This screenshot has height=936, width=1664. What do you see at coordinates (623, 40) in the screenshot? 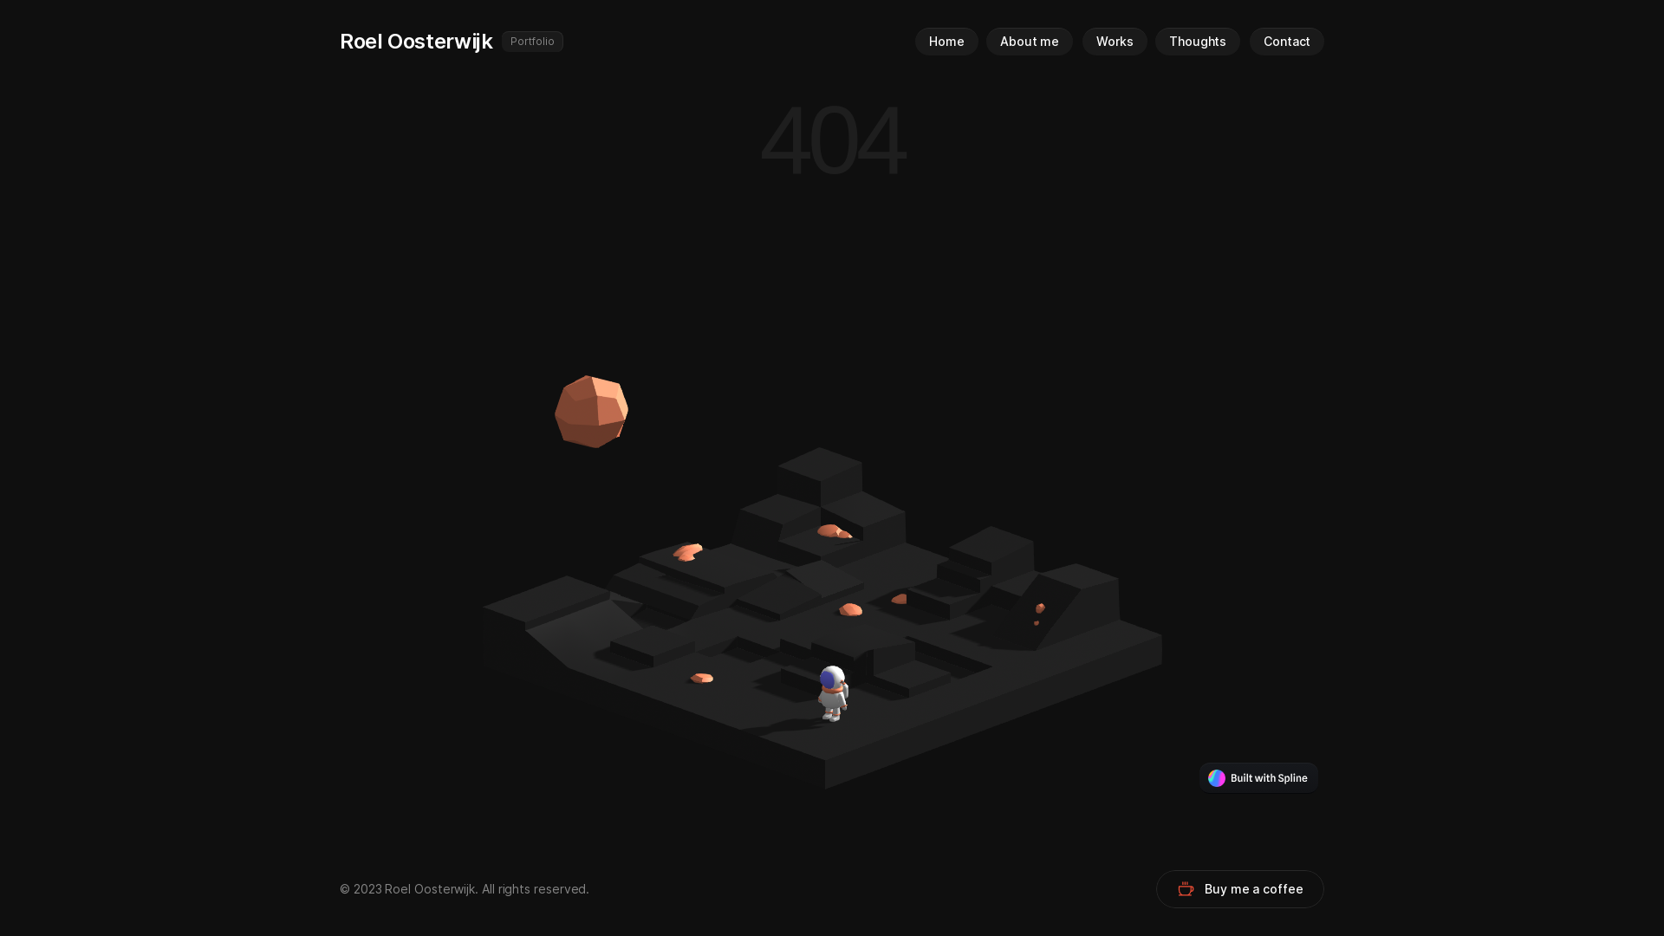
I see `'Roel Oosterwijk` at bounding box center [623, 40].